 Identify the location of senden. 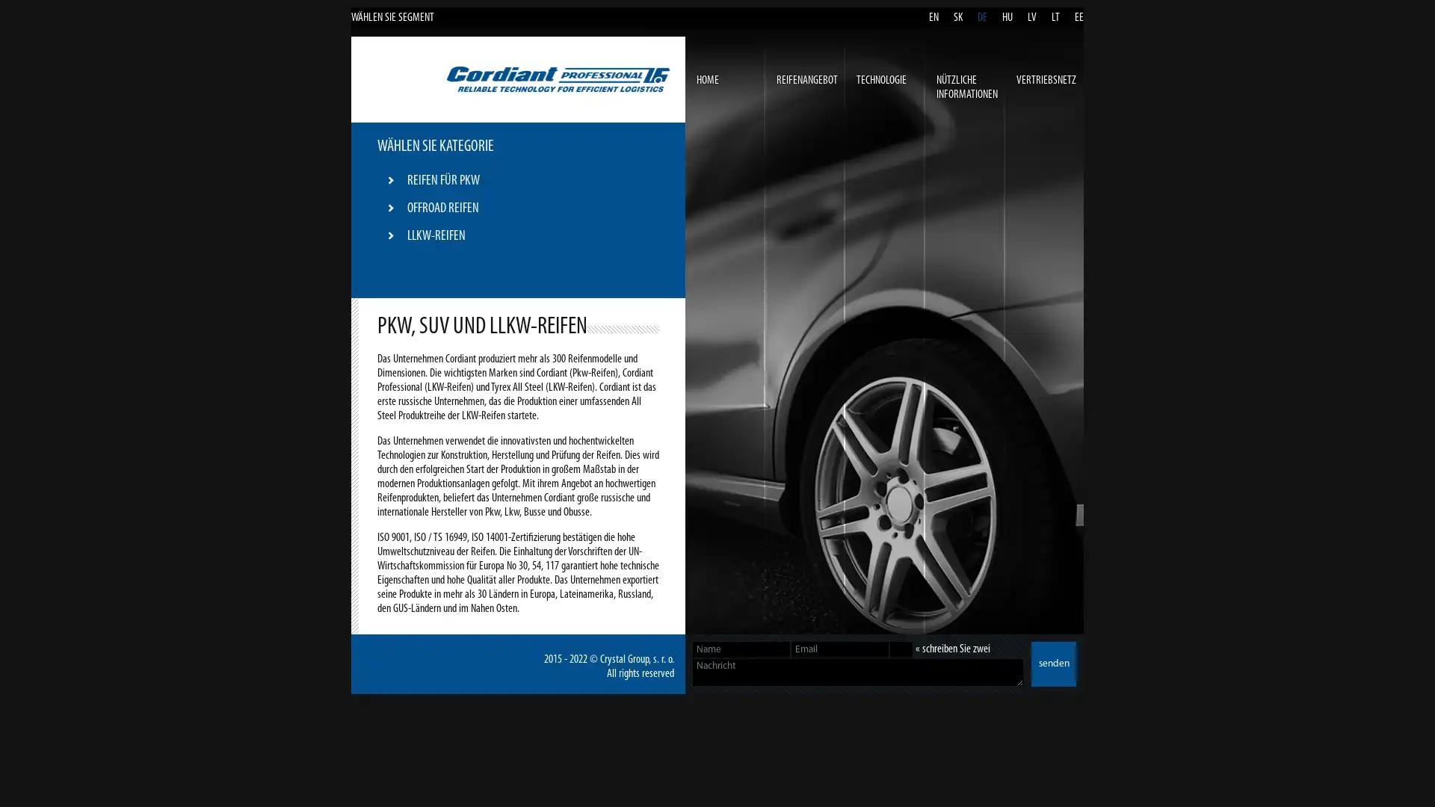
(1053, 663).